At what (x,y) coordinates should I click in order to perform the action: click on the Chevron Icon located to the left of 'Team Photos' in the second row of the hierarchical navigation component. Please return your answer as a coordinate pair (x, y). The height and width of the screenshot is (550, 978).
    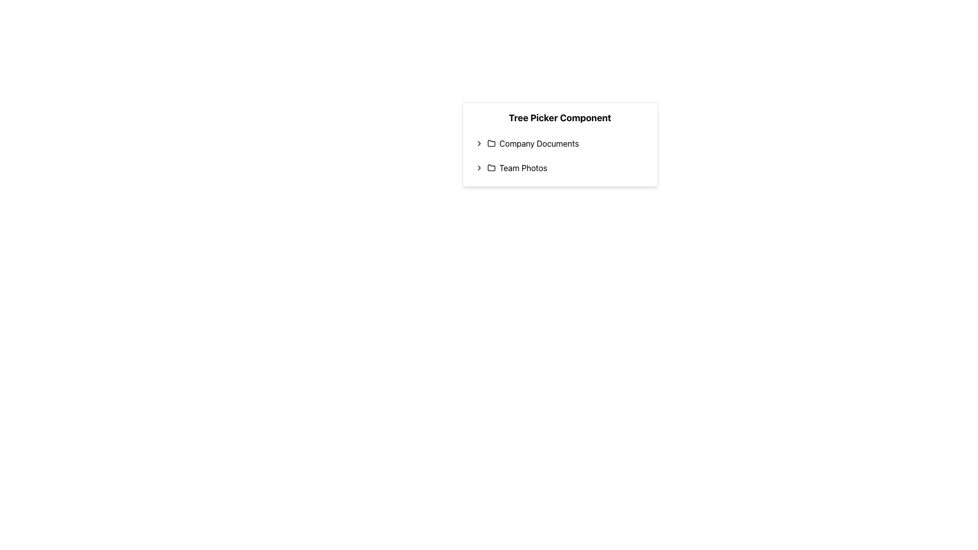
    Looking at the image, I should click on (478, 168).